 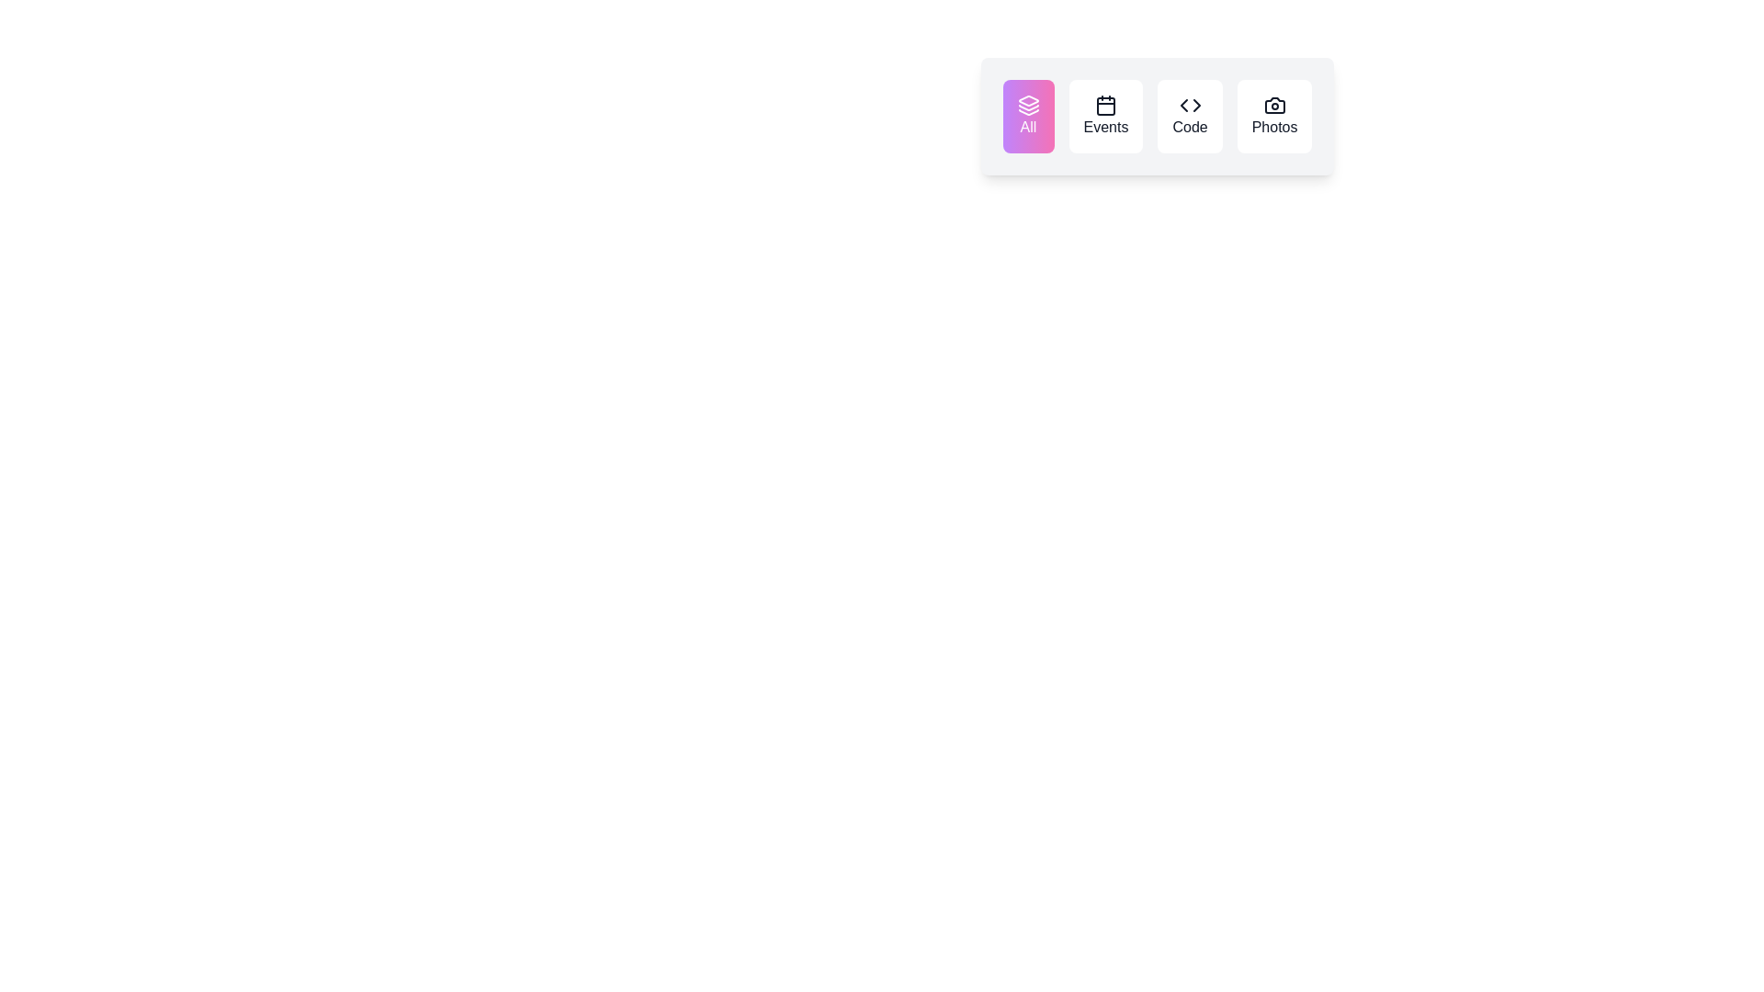 What do you see at coordinates (1190, 117) in the screenshot?
I see `the 'Code' button, which is the third button in a horizontal group of four` at bounding box center [1190, 117].